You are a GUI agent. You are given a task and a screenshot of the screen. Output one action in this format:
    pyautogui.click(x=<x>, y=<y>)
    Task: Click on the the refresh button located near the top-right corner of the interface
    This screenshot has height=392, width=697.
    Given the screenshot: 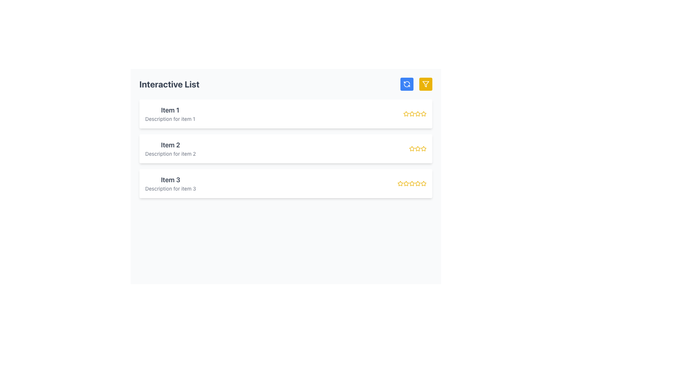 What is the action you would take?
    pyautogui.click(x=407, y=83)
    